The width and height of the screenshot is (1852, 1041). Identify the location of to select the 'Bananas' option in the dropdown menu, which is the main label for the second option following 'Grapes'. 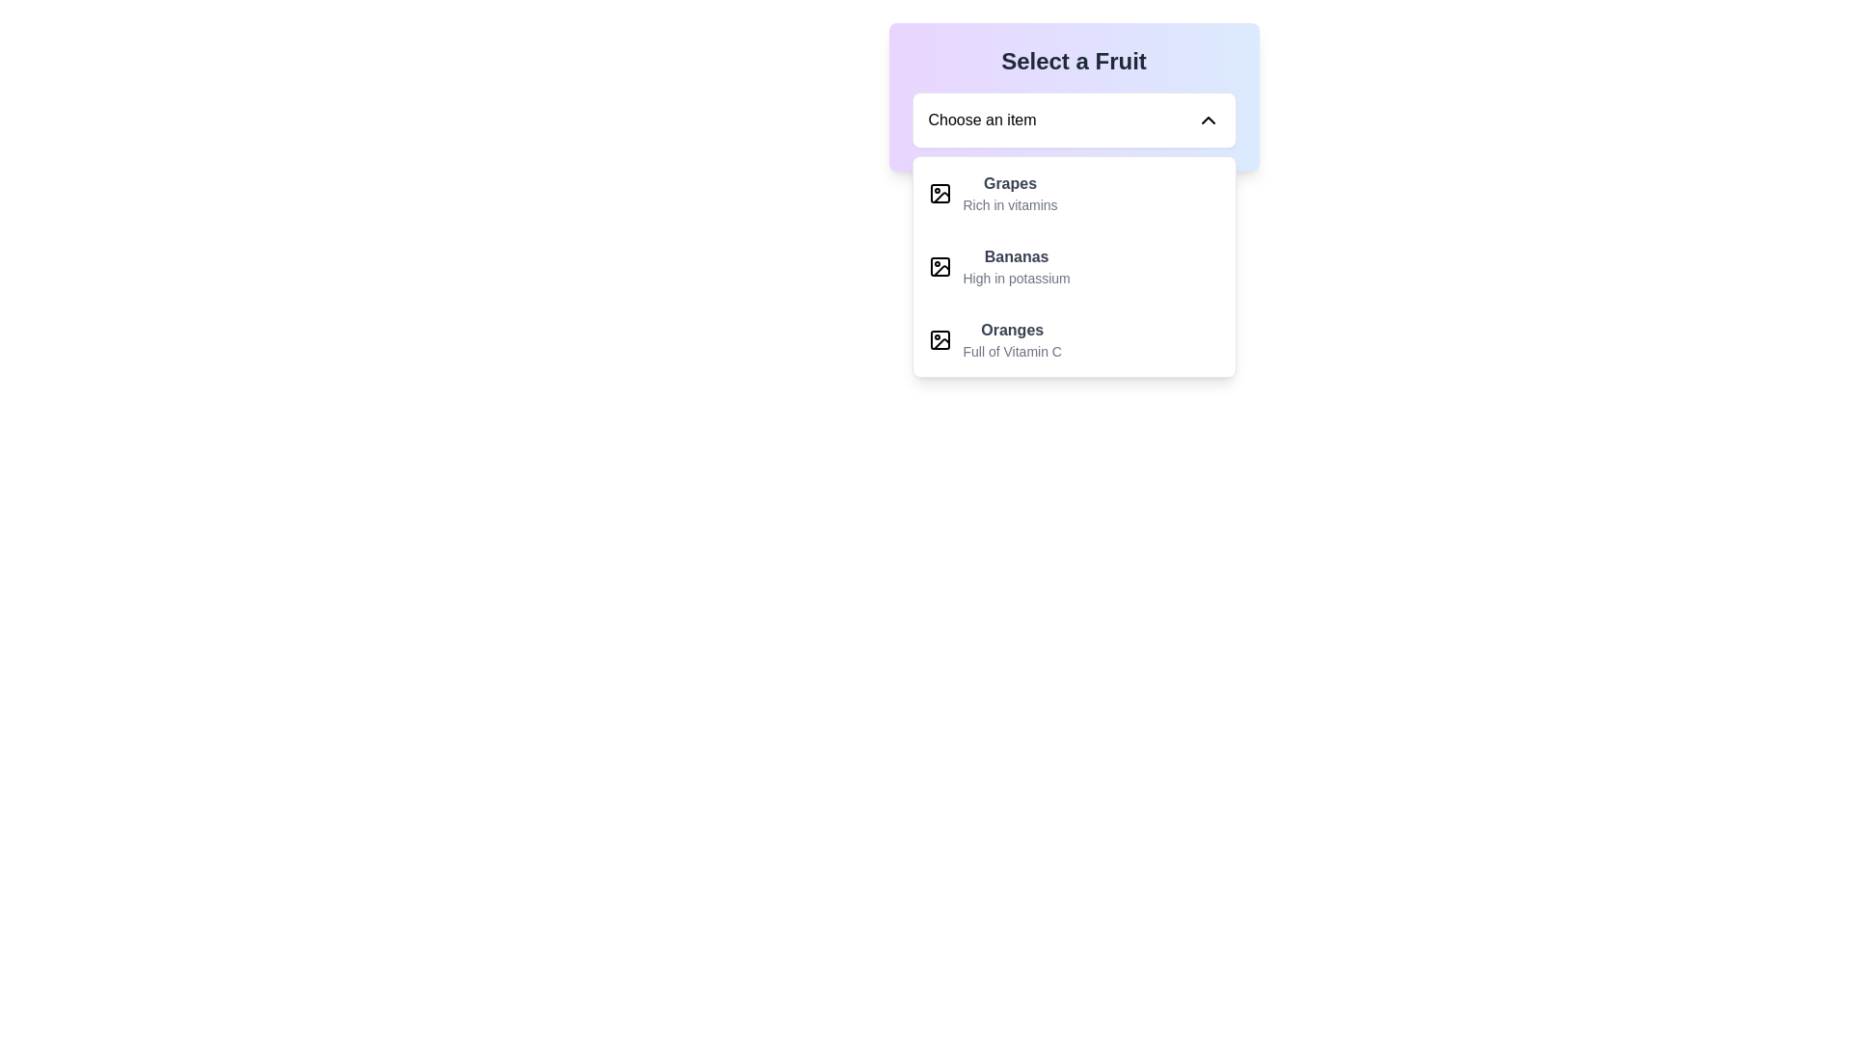
(1016, 255).